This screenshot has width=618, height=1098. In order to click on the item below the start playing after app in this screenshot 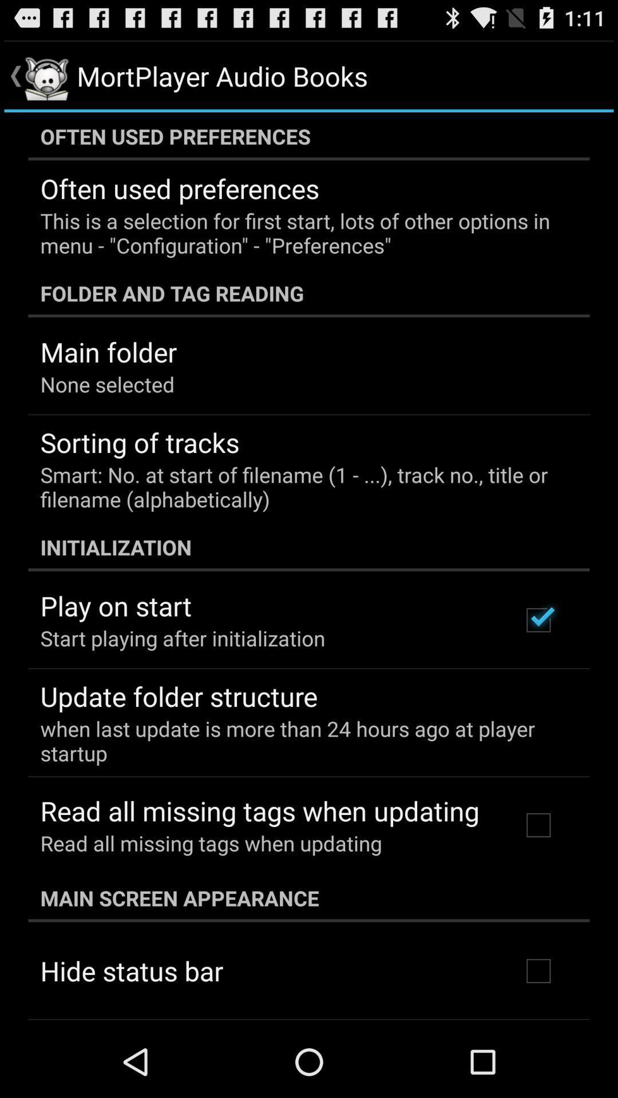, I will do `click(179, 695)`.